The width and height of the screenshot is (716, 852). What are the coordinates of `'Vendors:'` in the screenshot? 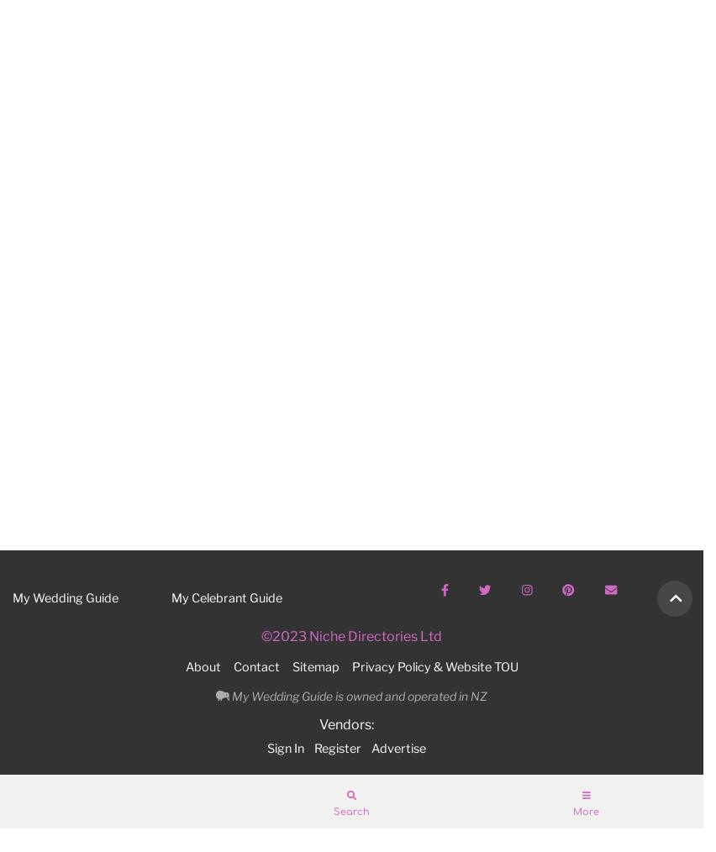 It's located at (318, 723).